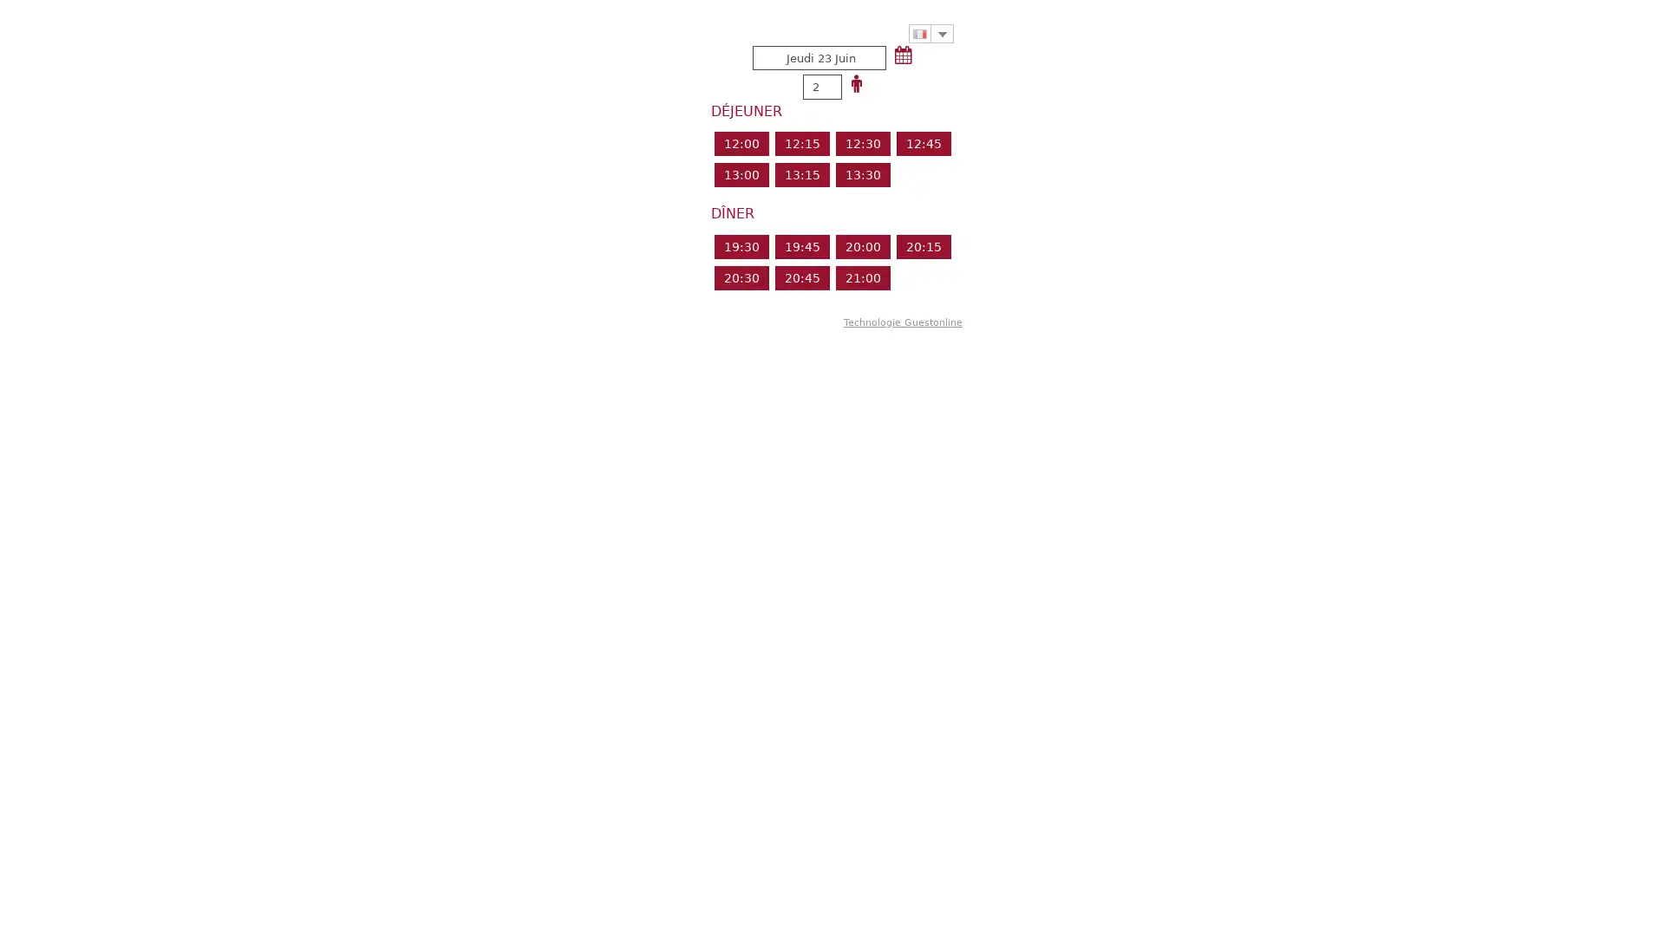 The height and width of the screenshot is (936, 1665). Describe the element at coordinates (741, 142) in the screenshot. I see `12:00` at that location.